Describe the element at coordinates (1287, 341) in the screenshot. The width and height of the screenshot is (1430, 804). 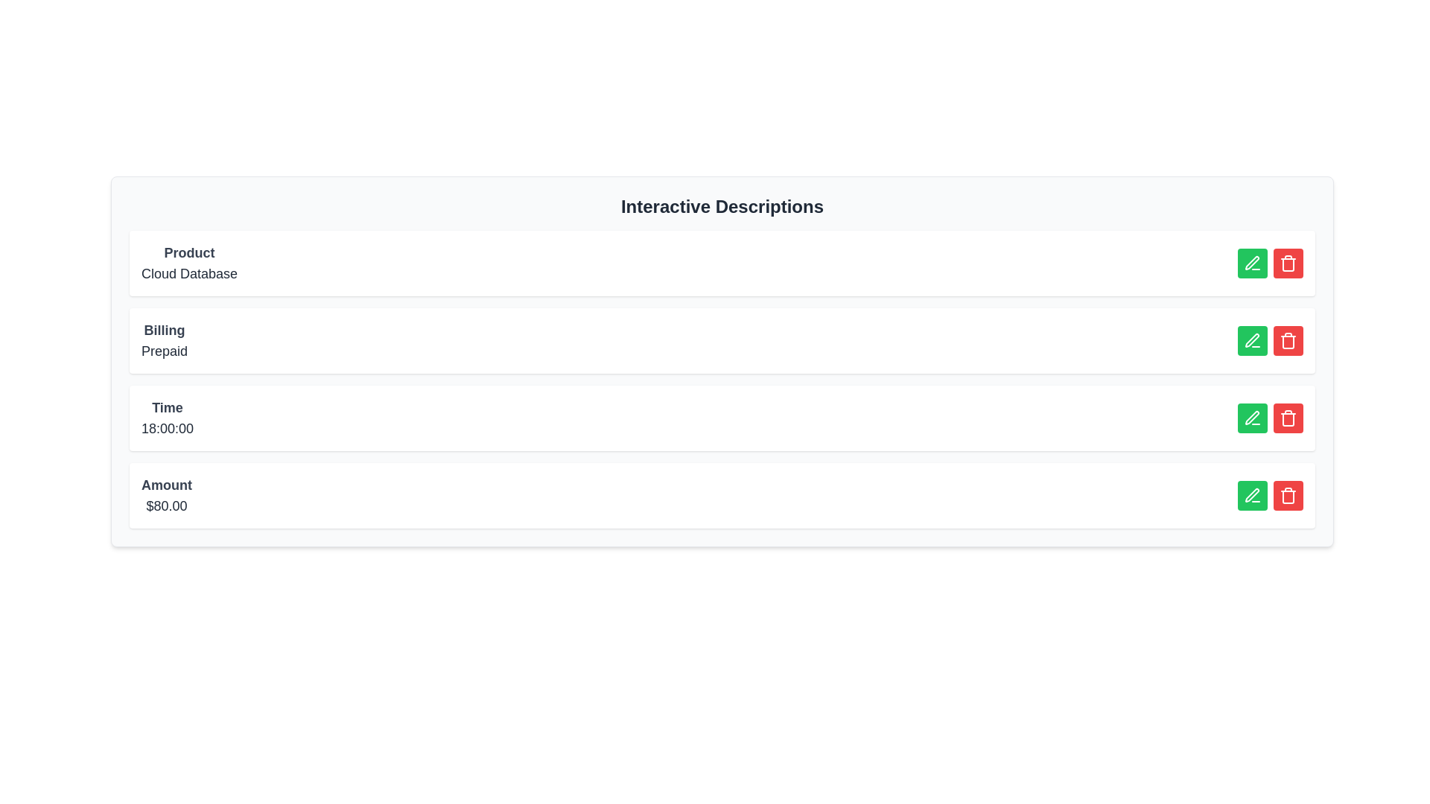
I see `the delete button located on the right side of the action bar row, which is the second button following a green pen icon` at that location.